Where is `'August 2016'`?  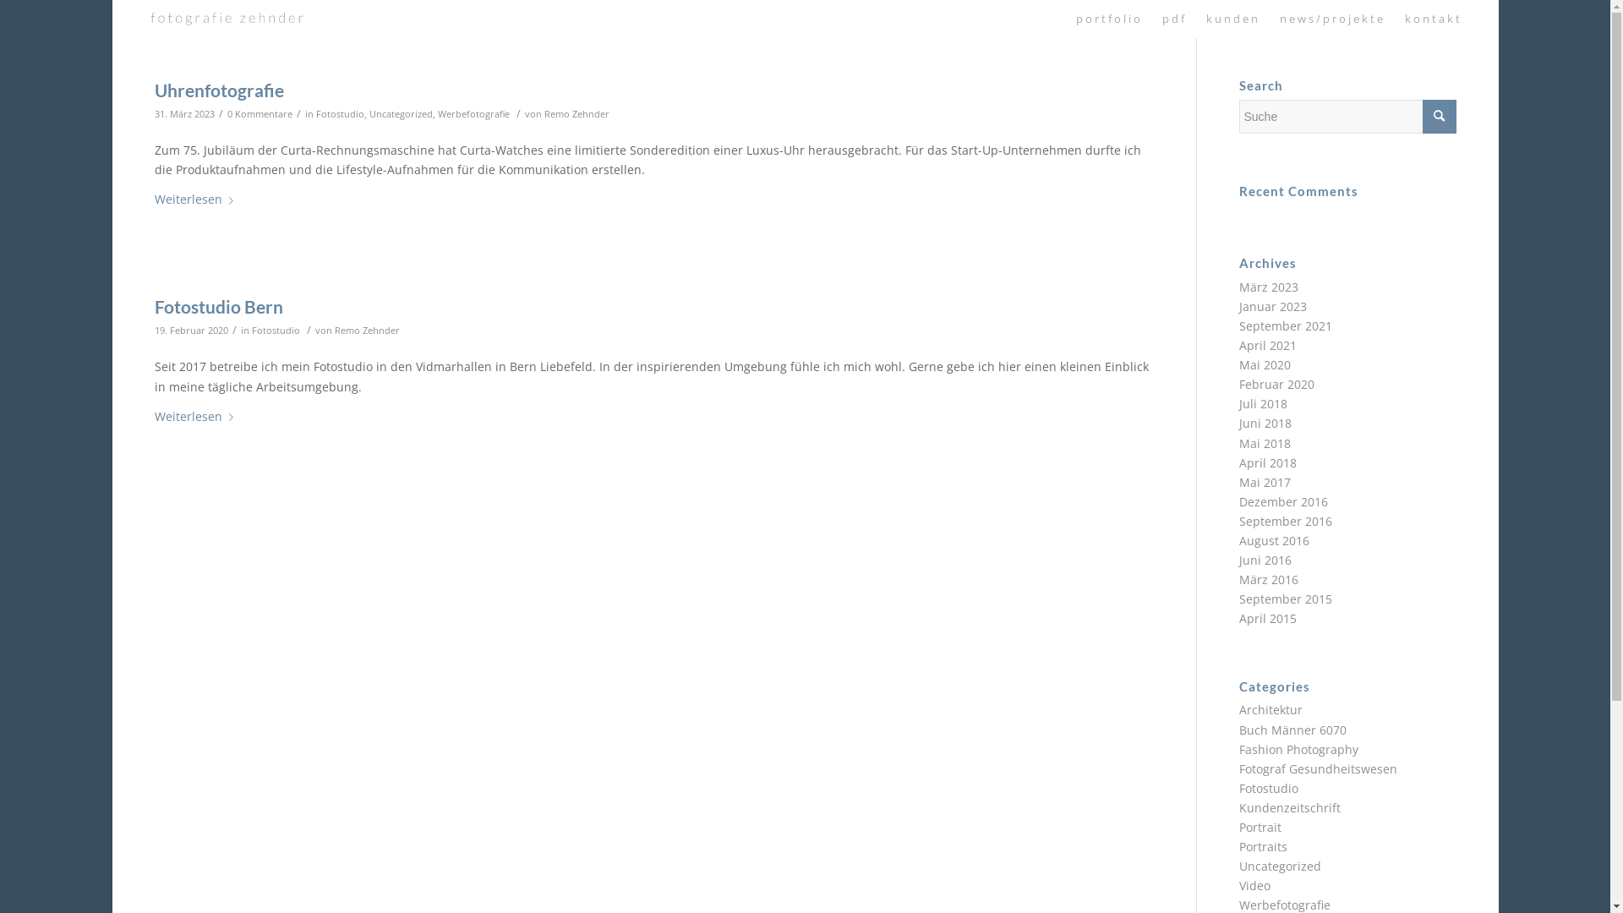 'August 2016' is located at coordinates (1274, 540).